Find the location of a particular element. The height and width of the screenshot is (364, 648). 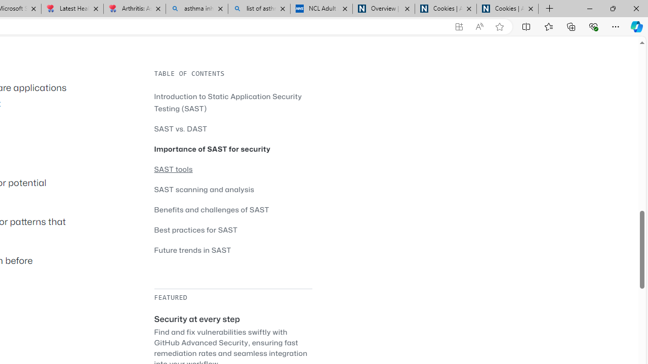

'Introduction to Static Application Security Testing (SAST)' is located at coordinates (227, 102).